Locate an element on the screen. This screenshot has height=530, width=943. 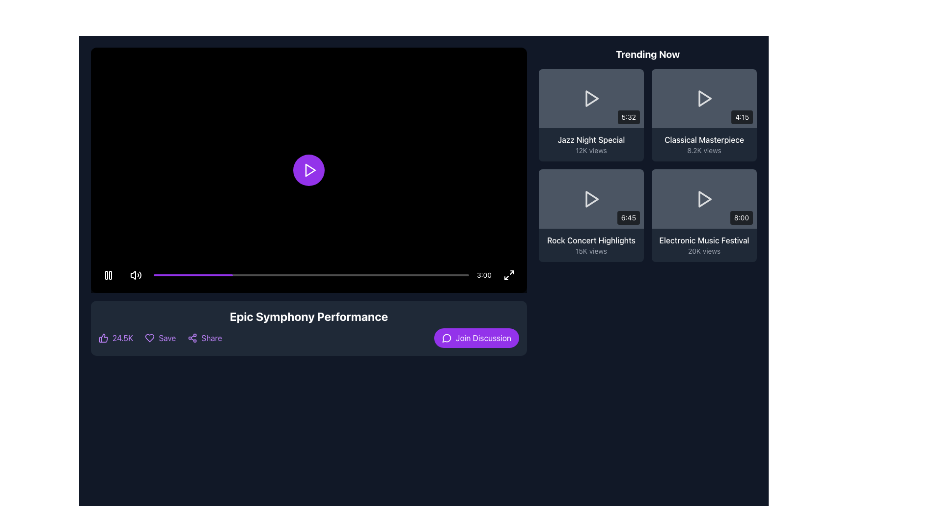
the speech bubble icon with a purple fill and white stroke, which is located to the left of the 'Join Discussion' button in the bottom-right section of the interface is located at coordinates (446, 337).